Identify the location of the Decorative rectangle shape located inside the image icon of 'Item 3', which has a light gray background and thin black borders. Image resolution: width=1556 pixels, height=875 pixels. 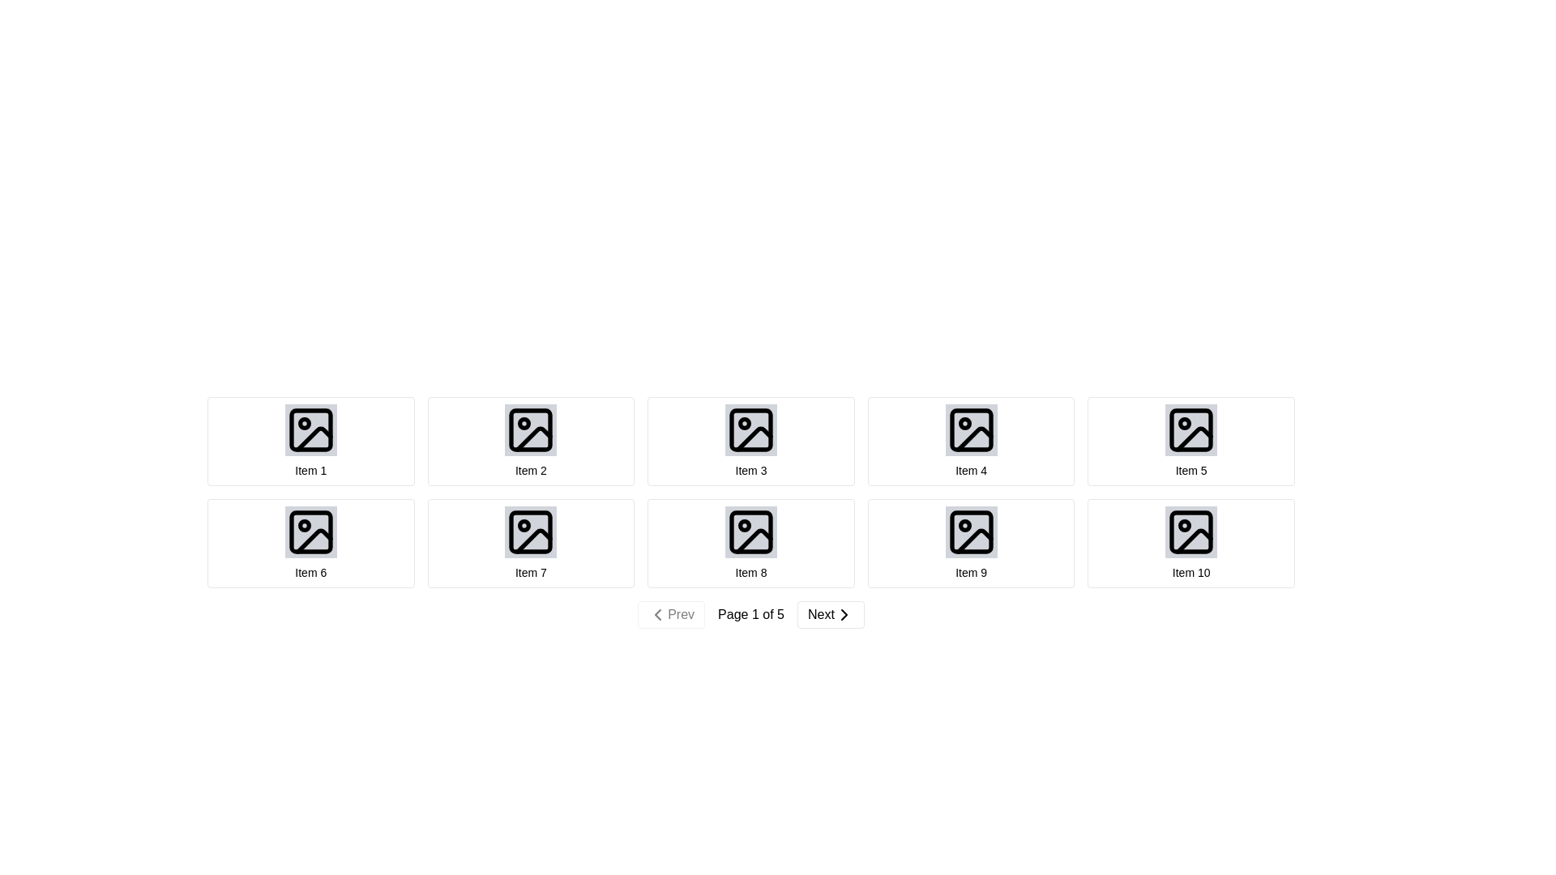
(750, 429).